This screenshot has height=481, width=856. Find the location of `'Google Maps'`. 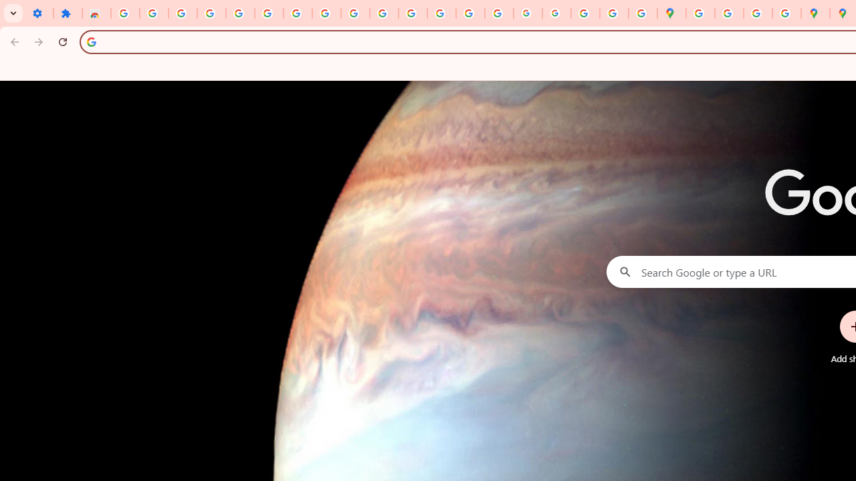

'Google Maps' is located at coordinates (671, 13).